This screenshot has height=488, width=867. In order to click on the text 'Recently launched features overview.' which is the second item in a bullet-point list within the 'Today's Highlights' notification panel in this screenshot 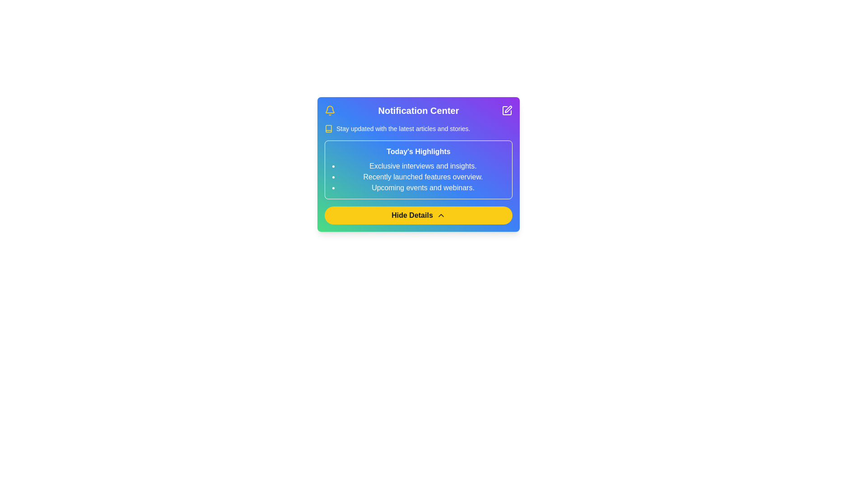, I will do `click(422, 177)`.